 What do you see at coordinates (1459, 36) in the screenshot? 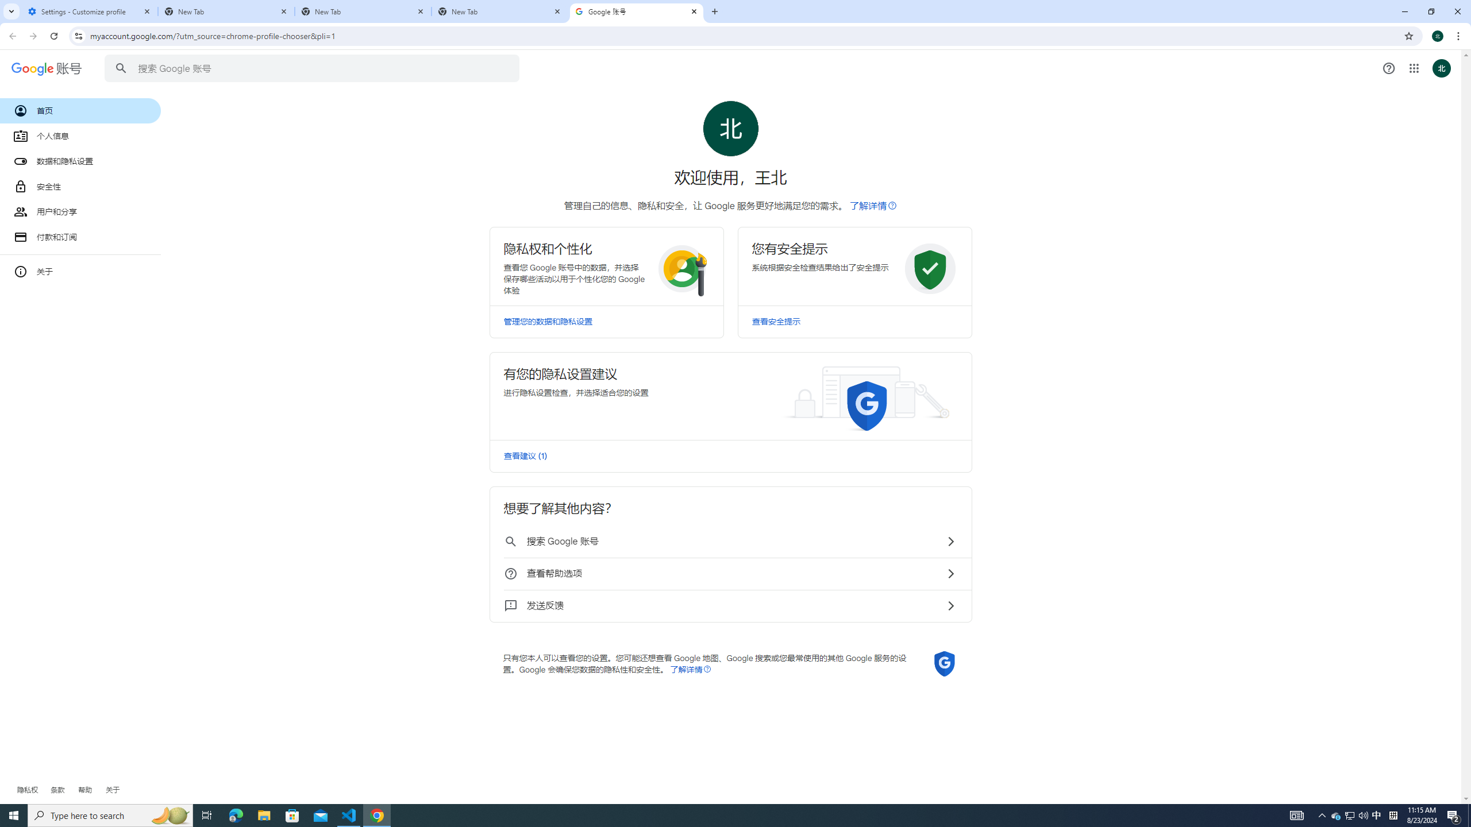
I see `'Chrome'` at bounding box center [1459, 36].